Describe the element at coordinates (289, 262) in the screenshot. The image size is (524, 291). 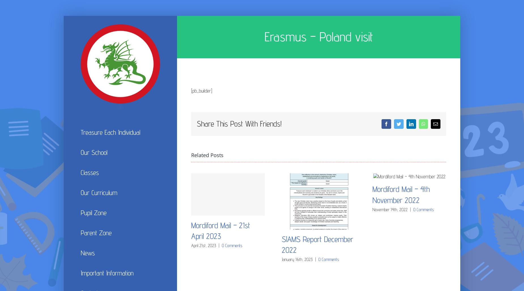
I see `'Science'` at that location.